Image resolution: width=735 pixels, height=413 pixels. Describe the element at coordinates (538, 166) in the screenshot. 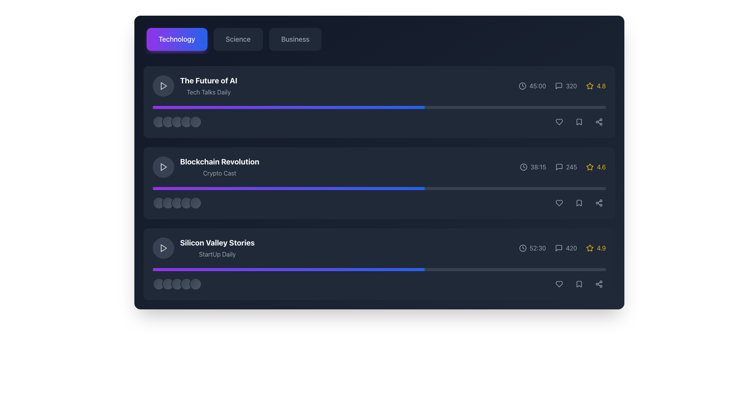

I see `text content of the Label/Text Display that represents the duration of the associated podcast episode, located in the second row of podcast entries, between the clock icon and numerical statistics` at that location.